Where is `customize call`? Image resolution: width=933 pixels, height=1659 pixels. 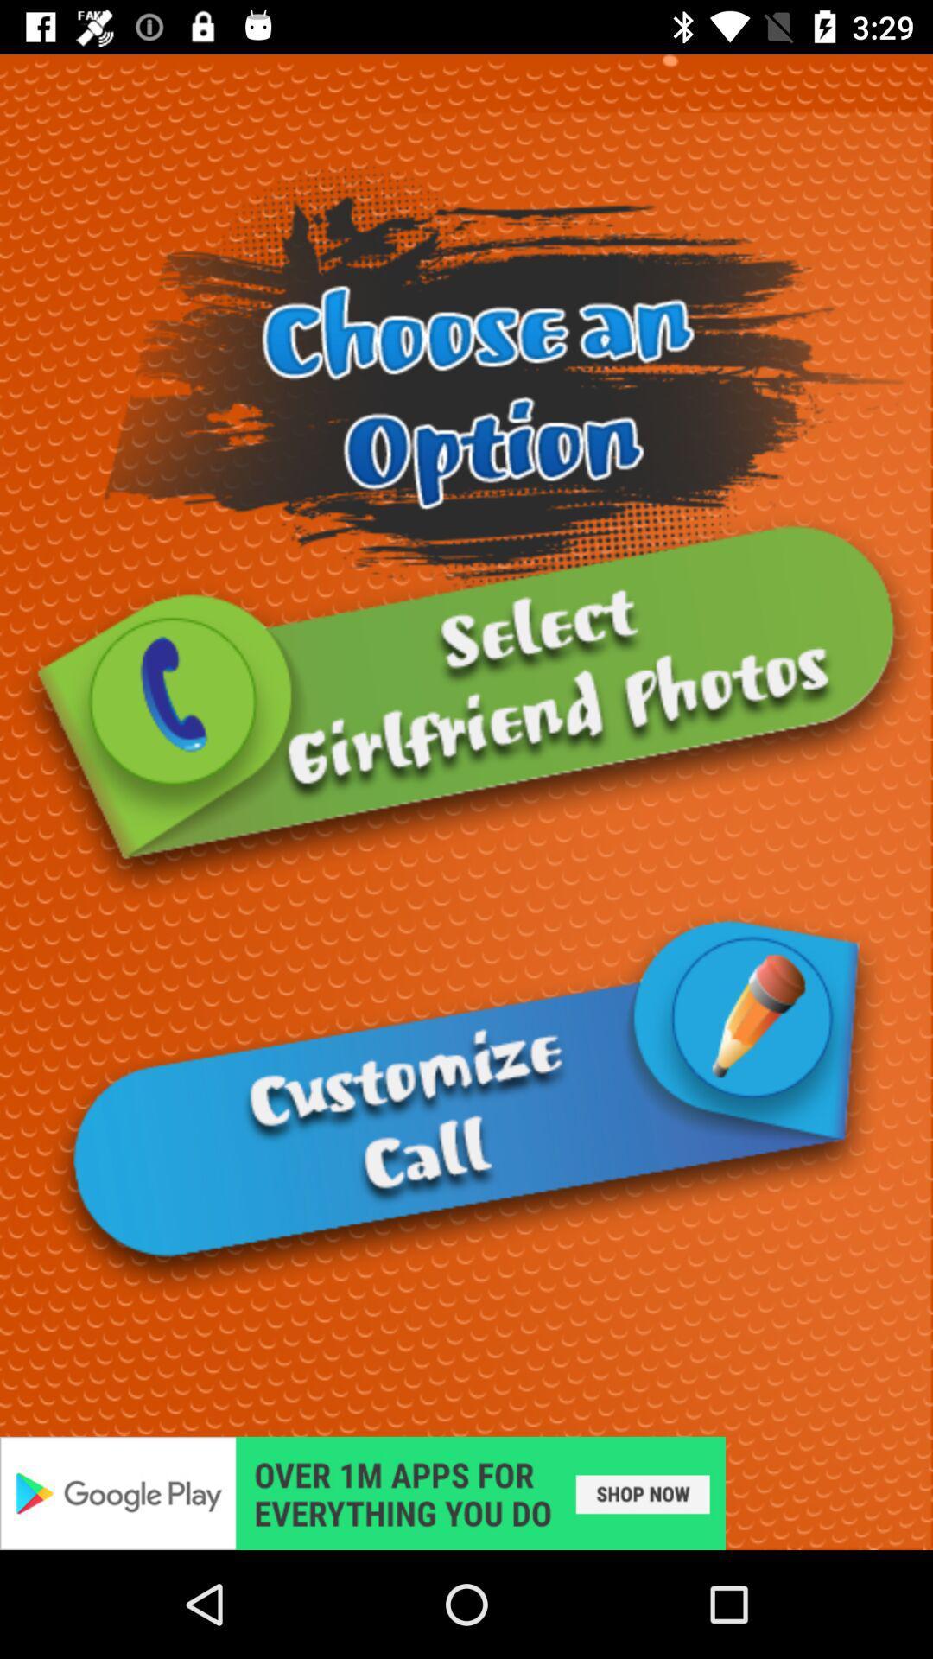 customize call is located at coordinates (466, 1103).